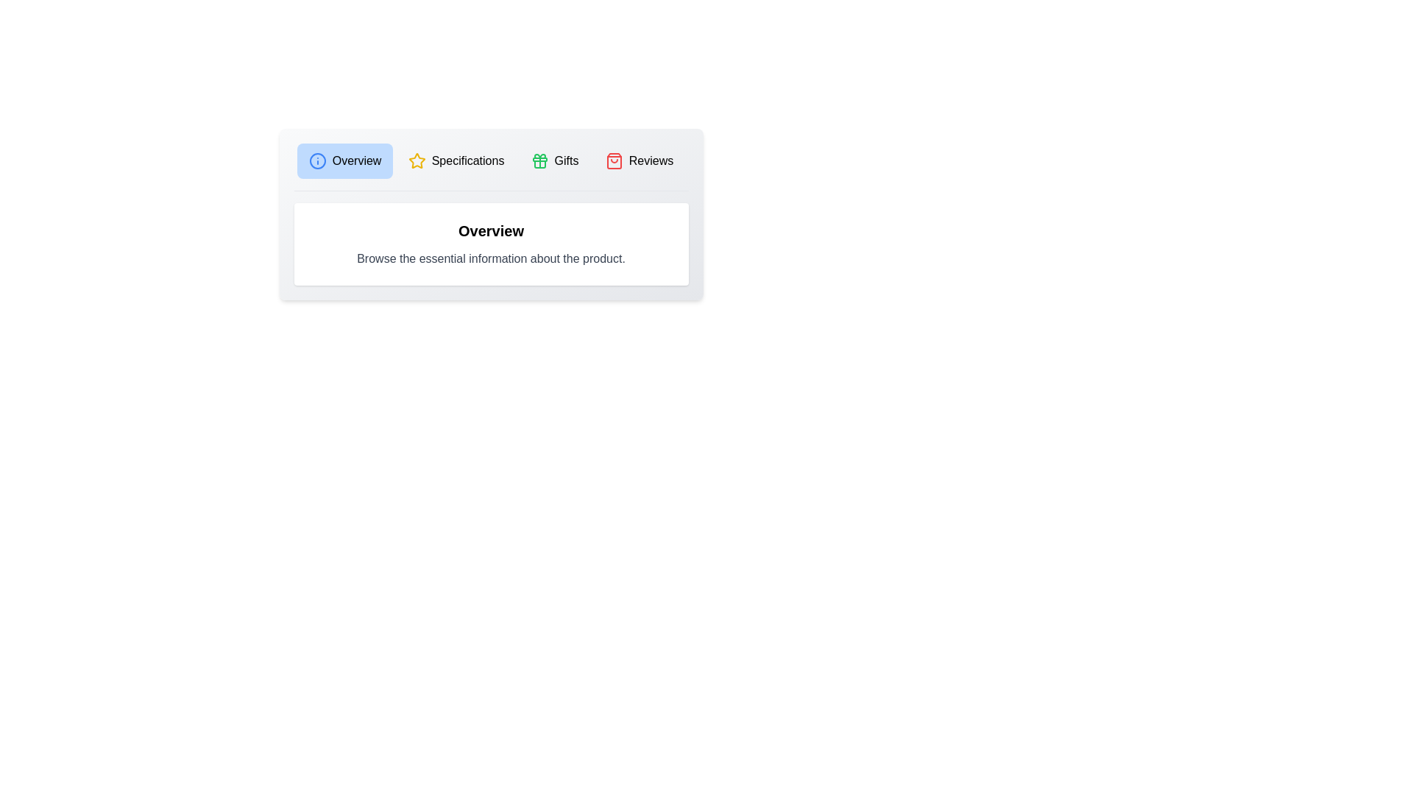  What do you see at coordinates (639, 161) in the screenshot?
I see `the tab labeled Reviews` at bounding box center [639, 161].